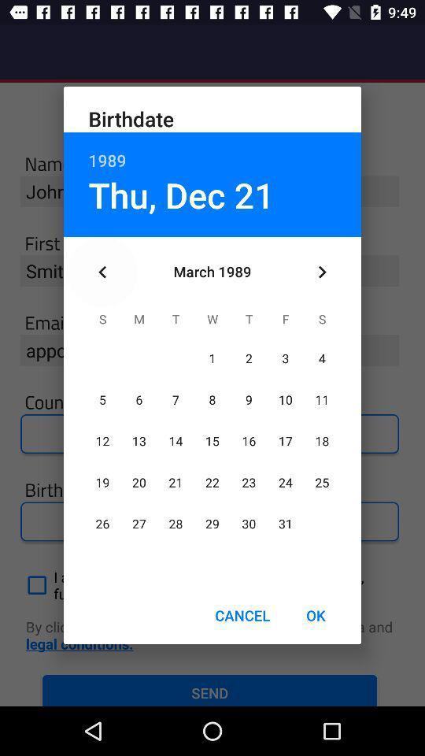 The height and width of the screenshot is (756, 425). I want to click on item below 1989 item, so click(321, 272).